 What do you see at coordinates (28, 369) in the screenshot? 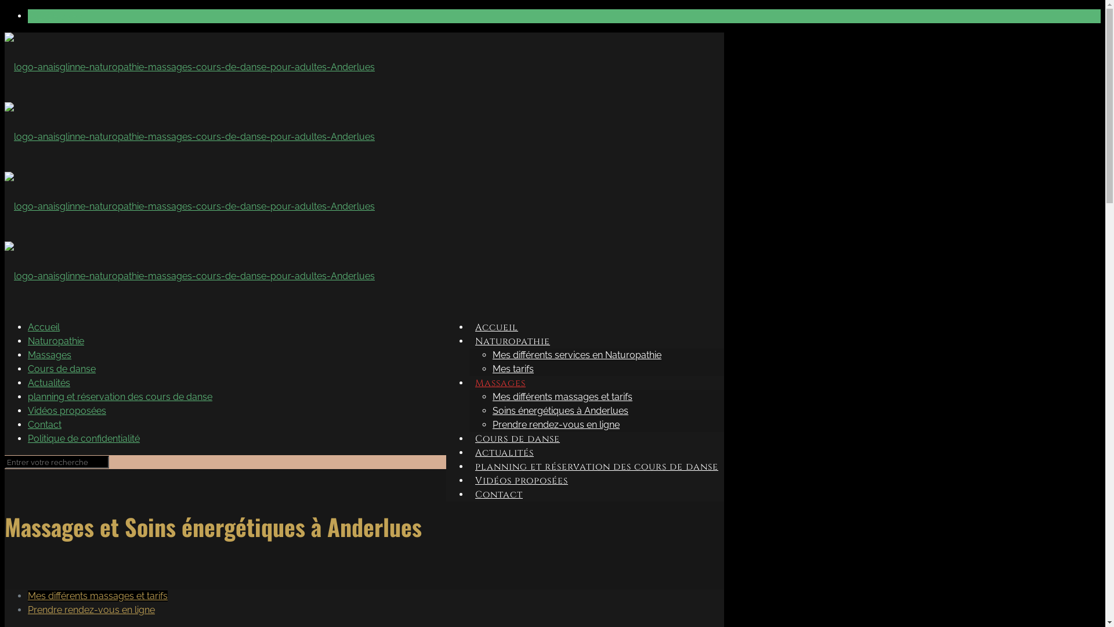
I see `'Cours de danse'` at bounding box center [28, 369].